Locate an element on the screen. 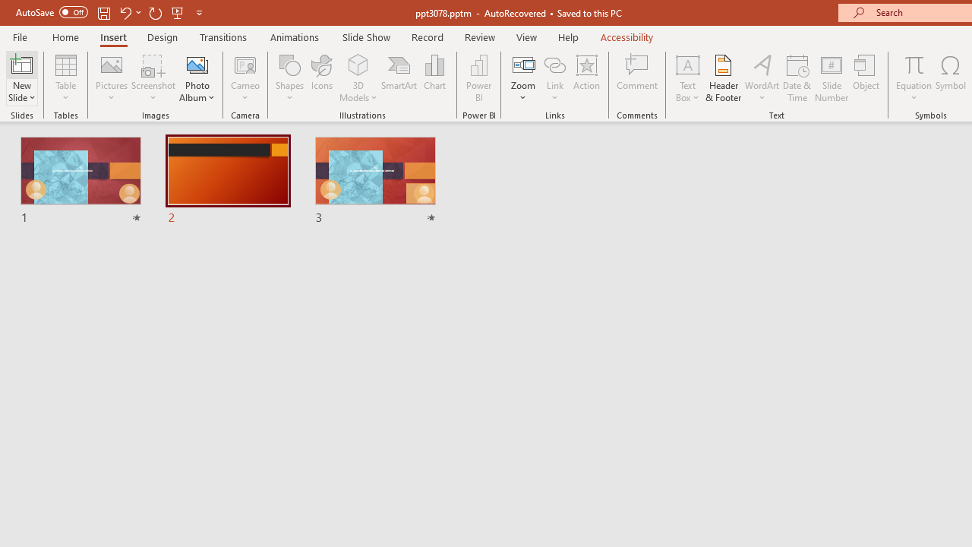 The width and height of the screenshot is (972, 547). 'Link' is located at coordinates (554, 64).